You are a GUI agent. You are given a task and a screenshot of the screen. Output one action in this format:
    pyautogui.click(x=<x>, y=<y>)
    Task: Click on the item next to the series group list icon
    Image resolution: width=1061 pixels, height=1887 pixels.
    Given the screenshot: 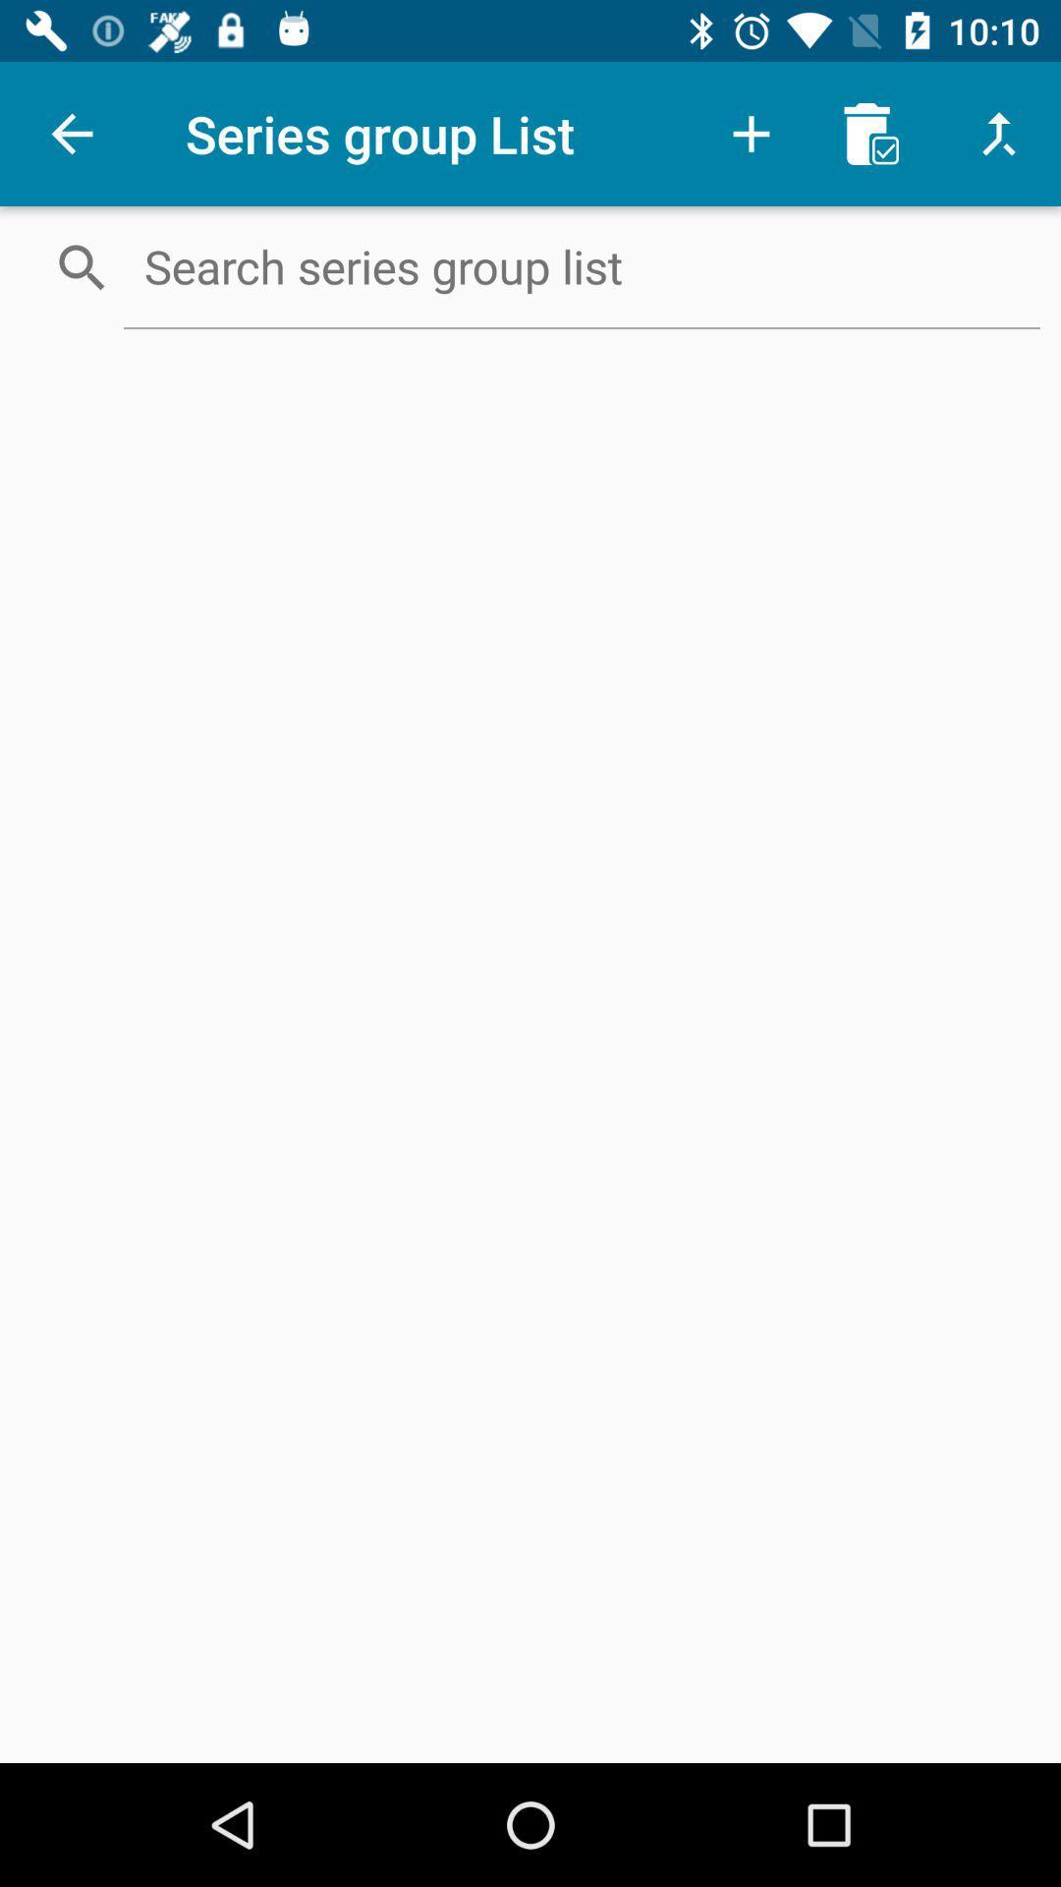 What is the action you would take?
    pyautogui.click(x=71, y=133)
    